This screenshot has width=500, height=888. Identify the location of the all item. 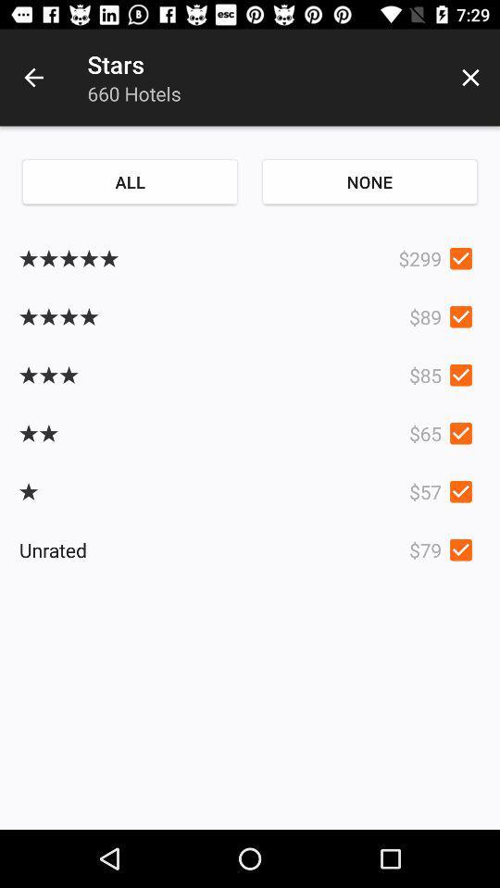
(129, 181).